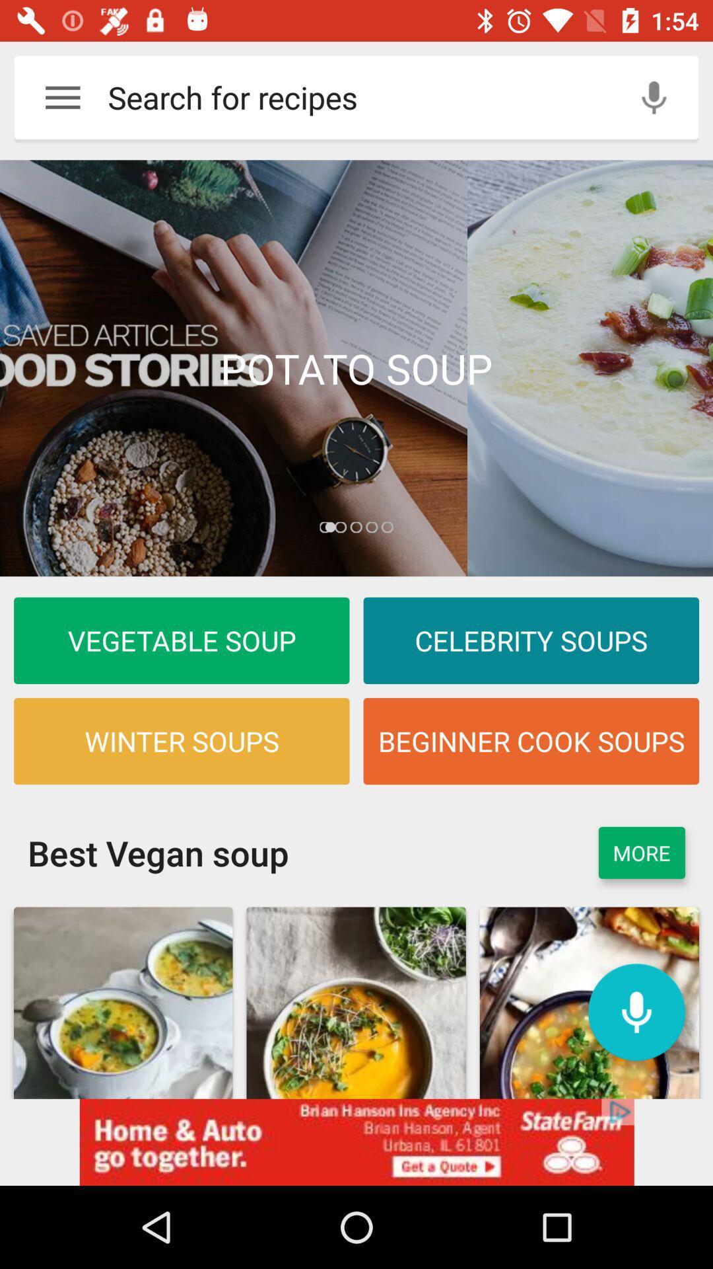 The image size is (713, 1269). I want to click on mike, so click(654, 96).